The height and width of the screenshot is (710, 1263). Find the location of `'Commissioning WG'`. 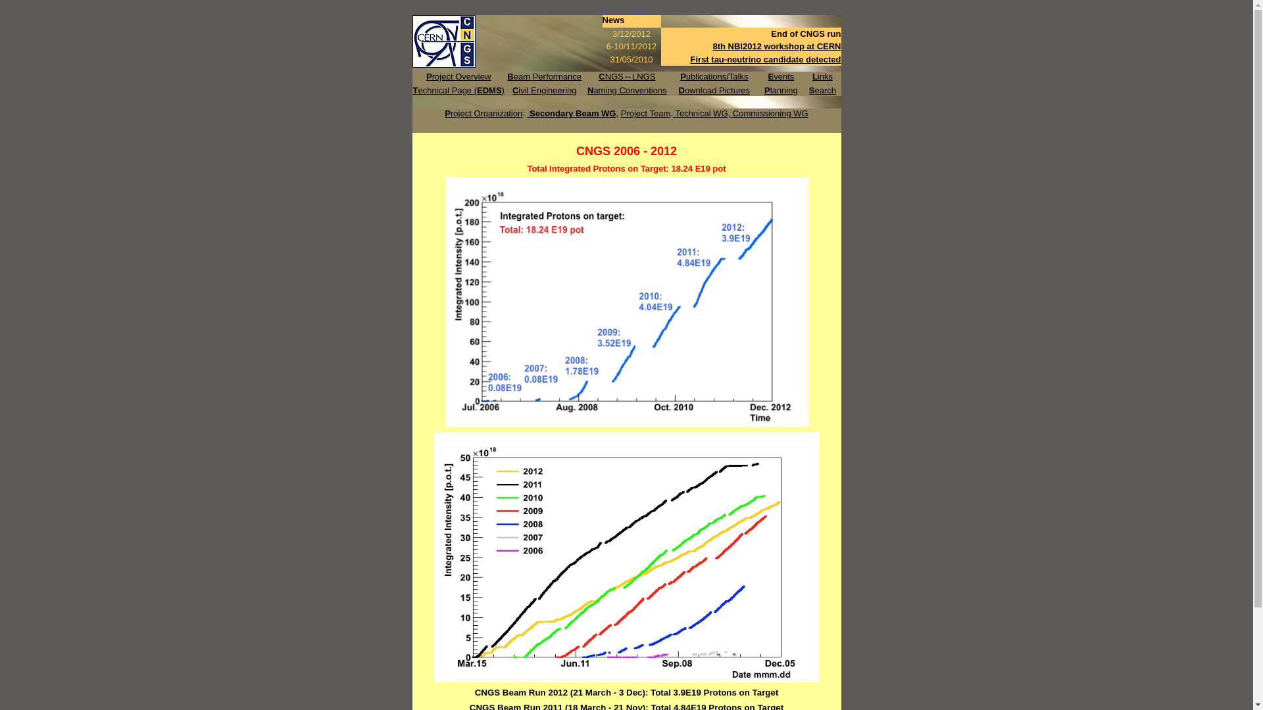

'Commissioning WG' is located at coordinates (770, 112).